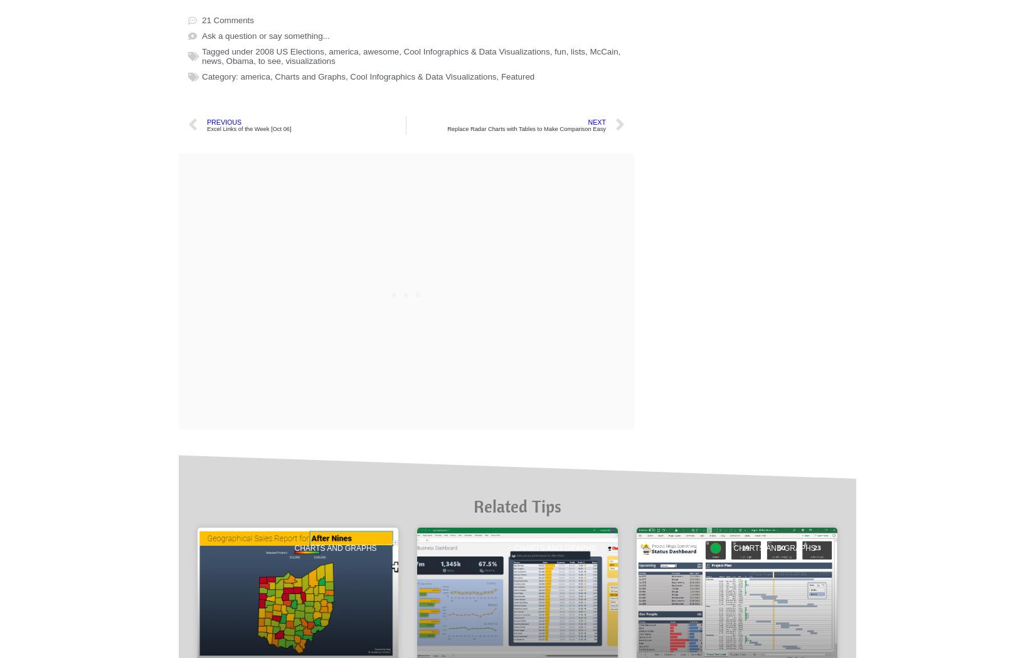 Image resolution: width=1035 pixels, height=658 pixels. What do you see at coordinates (289, 481) in the screenshot?
I see `'2008 US Elections'` at bounding box center [289, 481].